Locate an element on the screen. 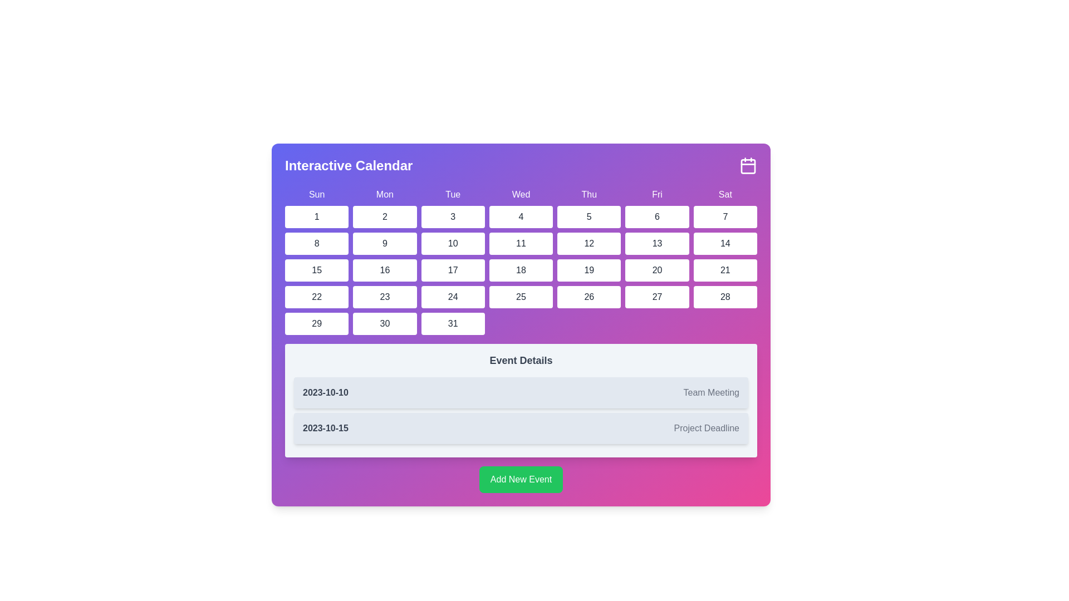  the button representing the date '13' is located at coordinates (657, 243).